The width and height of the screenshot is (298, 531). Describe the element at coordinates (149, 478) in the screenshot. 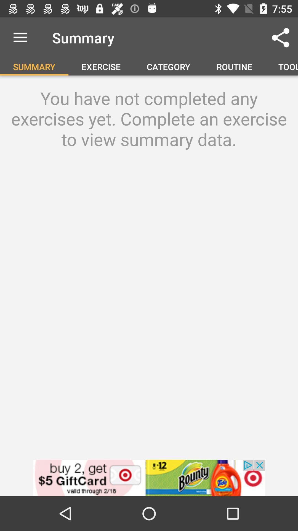

I see `advertisement` at that location.